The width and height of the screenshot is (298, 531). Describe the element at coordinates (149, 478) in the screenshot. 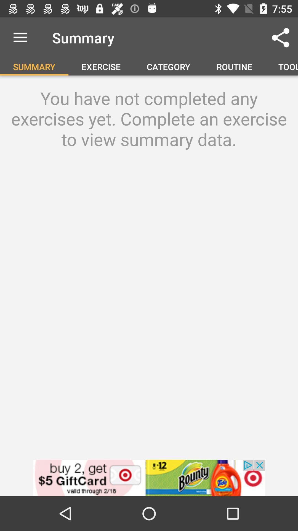

I see `advertisement` at that location.